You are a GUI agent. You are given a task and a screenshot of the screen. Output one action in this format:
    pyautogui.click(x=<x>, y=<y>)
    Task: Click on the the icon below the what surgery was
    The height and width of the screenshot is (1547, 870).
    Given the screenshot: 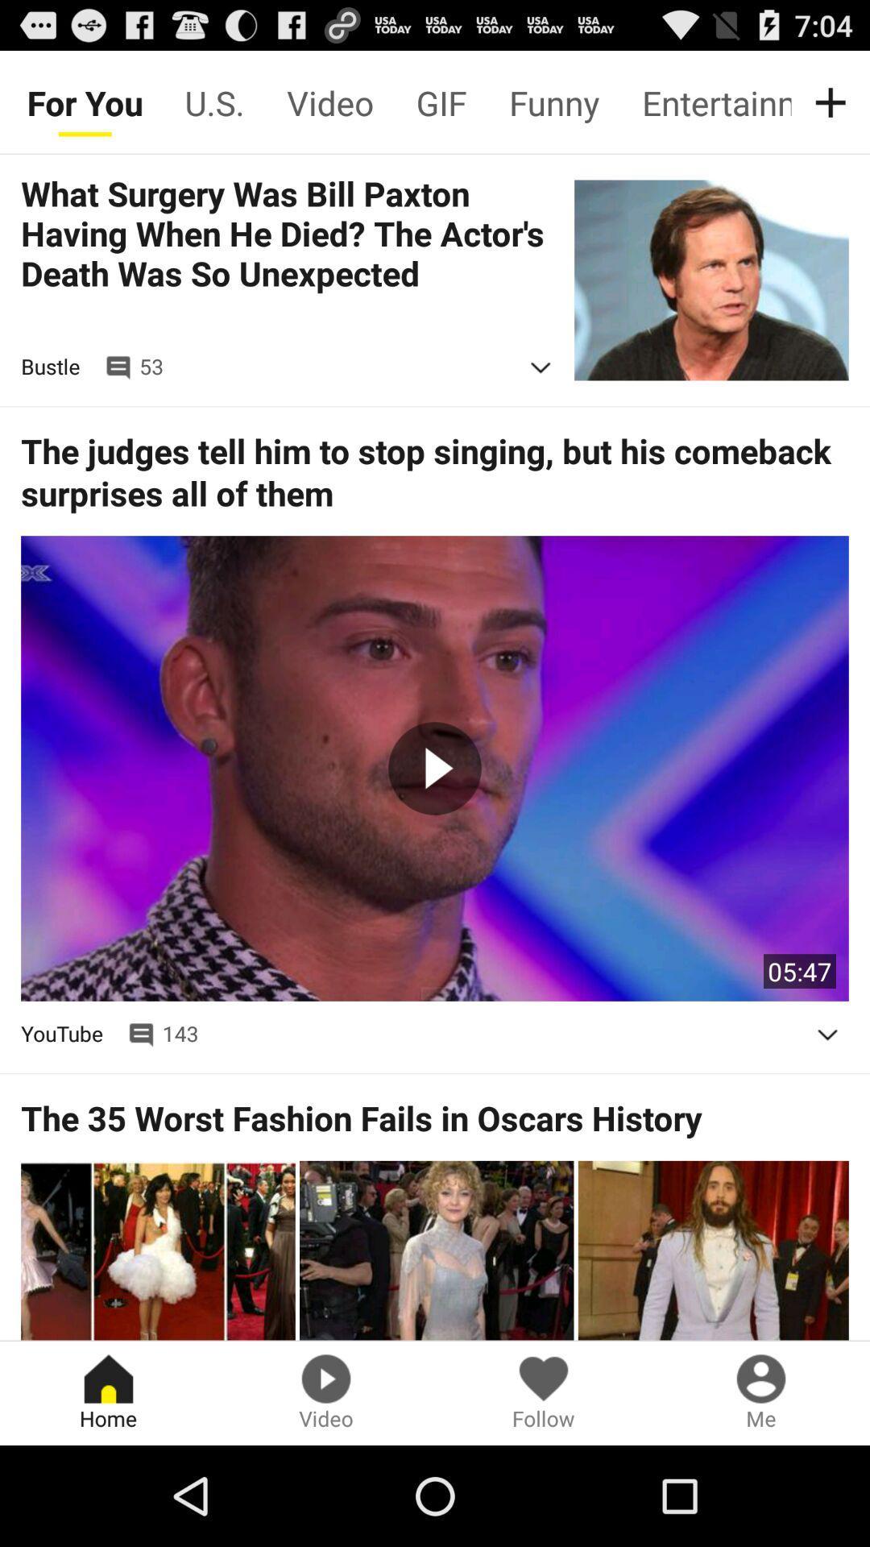 What is the action you would take?
    pyautogui.click(x=541, y=367)
    